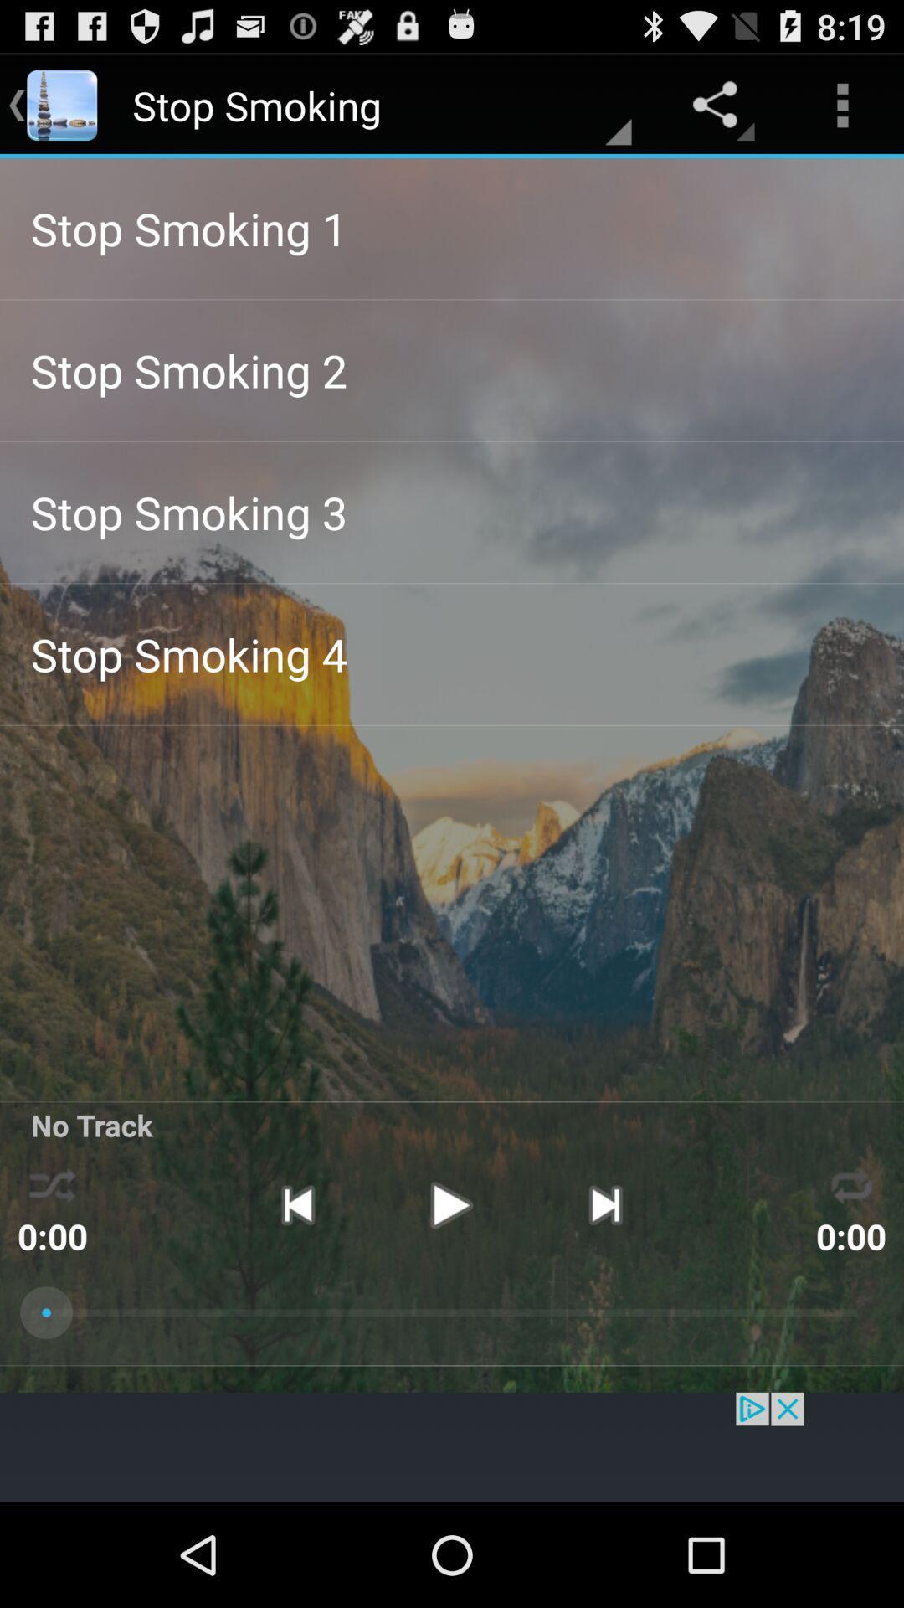 This screenshot has width=904, height=1608. I want to click on search, so click(452, 1446).